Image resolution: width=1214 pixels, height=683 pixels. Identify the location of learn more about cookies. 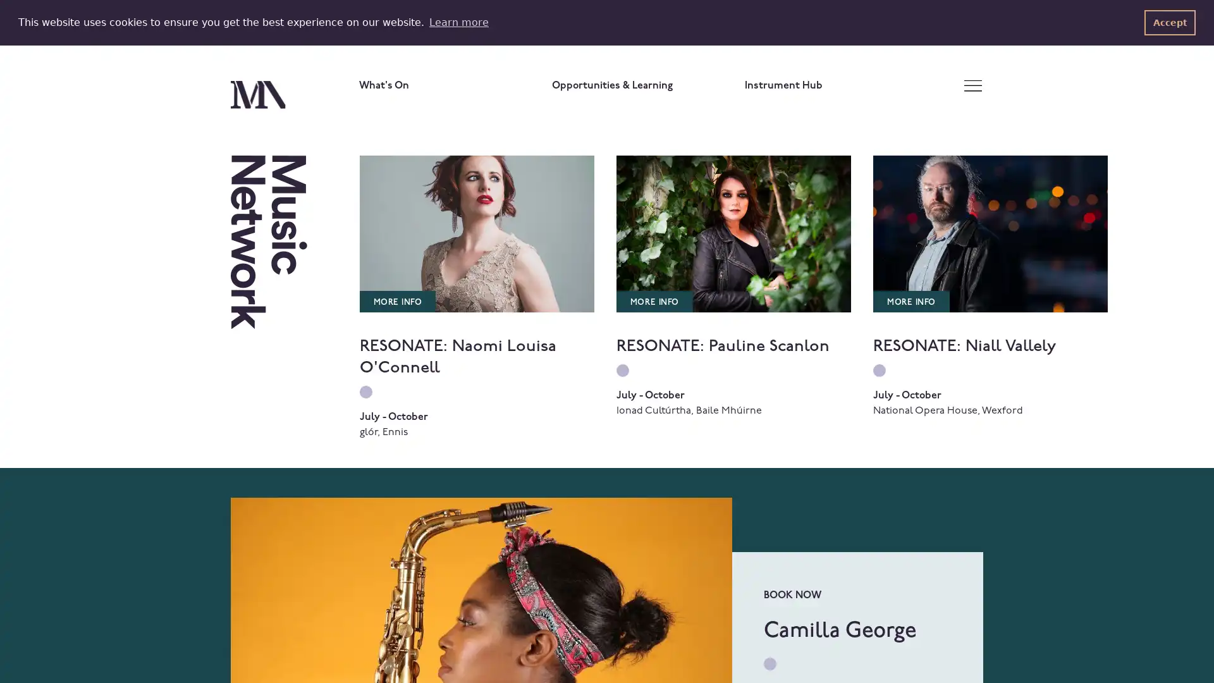
(458, 22).